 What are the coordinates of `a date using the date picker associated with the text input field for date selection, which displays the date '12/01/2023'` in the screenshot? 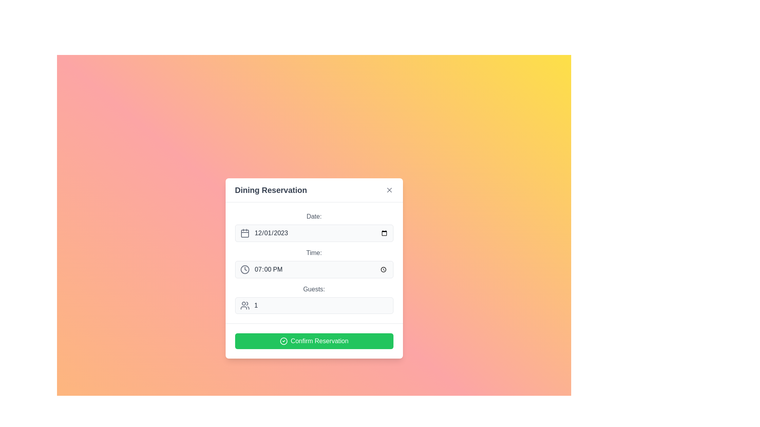 It's located at (321, 233).